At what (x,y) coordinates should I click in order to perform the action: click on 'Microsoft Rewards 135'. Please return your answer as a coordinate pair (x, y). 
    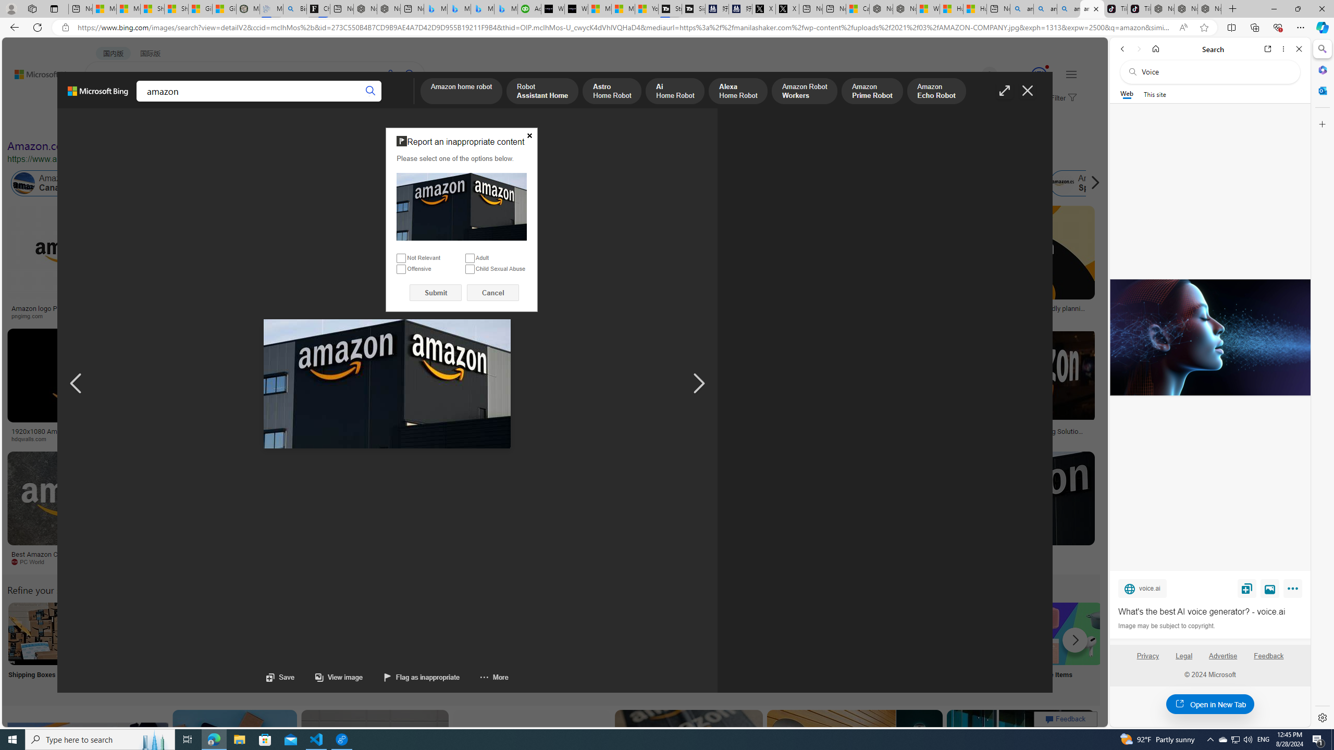
    Looking at the image, I should click on (1026, 74).